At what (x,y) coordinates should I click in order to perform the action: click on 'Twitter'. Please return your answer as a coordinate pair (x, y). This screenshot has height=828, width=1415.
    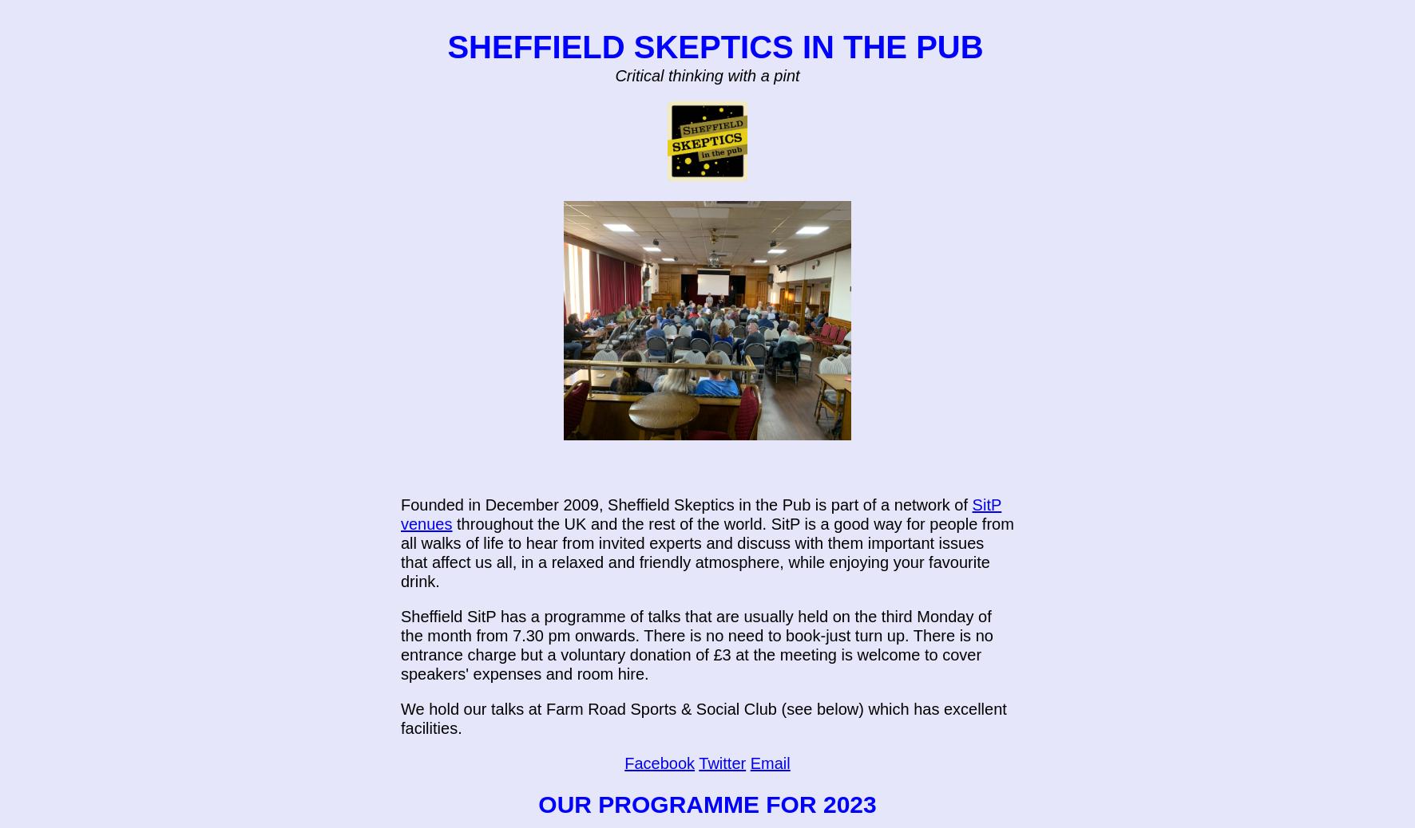
    Looking at the image, I should click on (721, 762).